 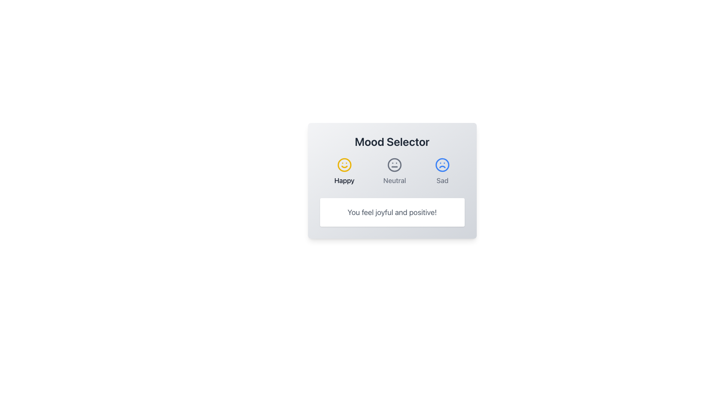 What do you see at coordinates (392, 212) in the screenshot?
I see `highlighted text displayed in the Text Display element located below the mood selector options` at bounding box center [392, 212].